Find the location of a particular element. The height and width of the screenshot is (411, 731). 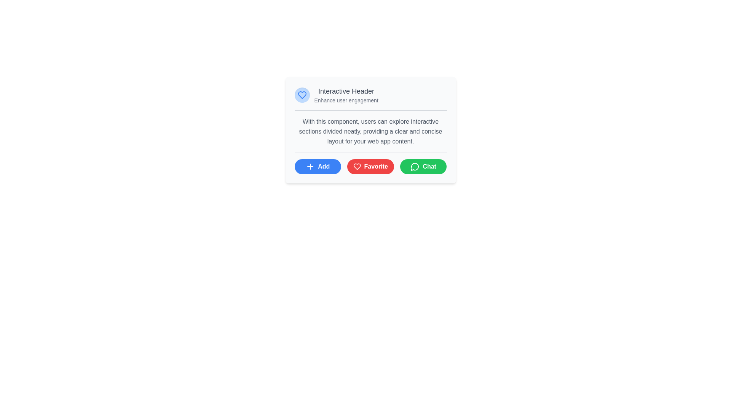

the text block that serves as a descriptive header, containing a title and subtitle, located to the right of a circular heart icon is located at coordinates (346, 95).